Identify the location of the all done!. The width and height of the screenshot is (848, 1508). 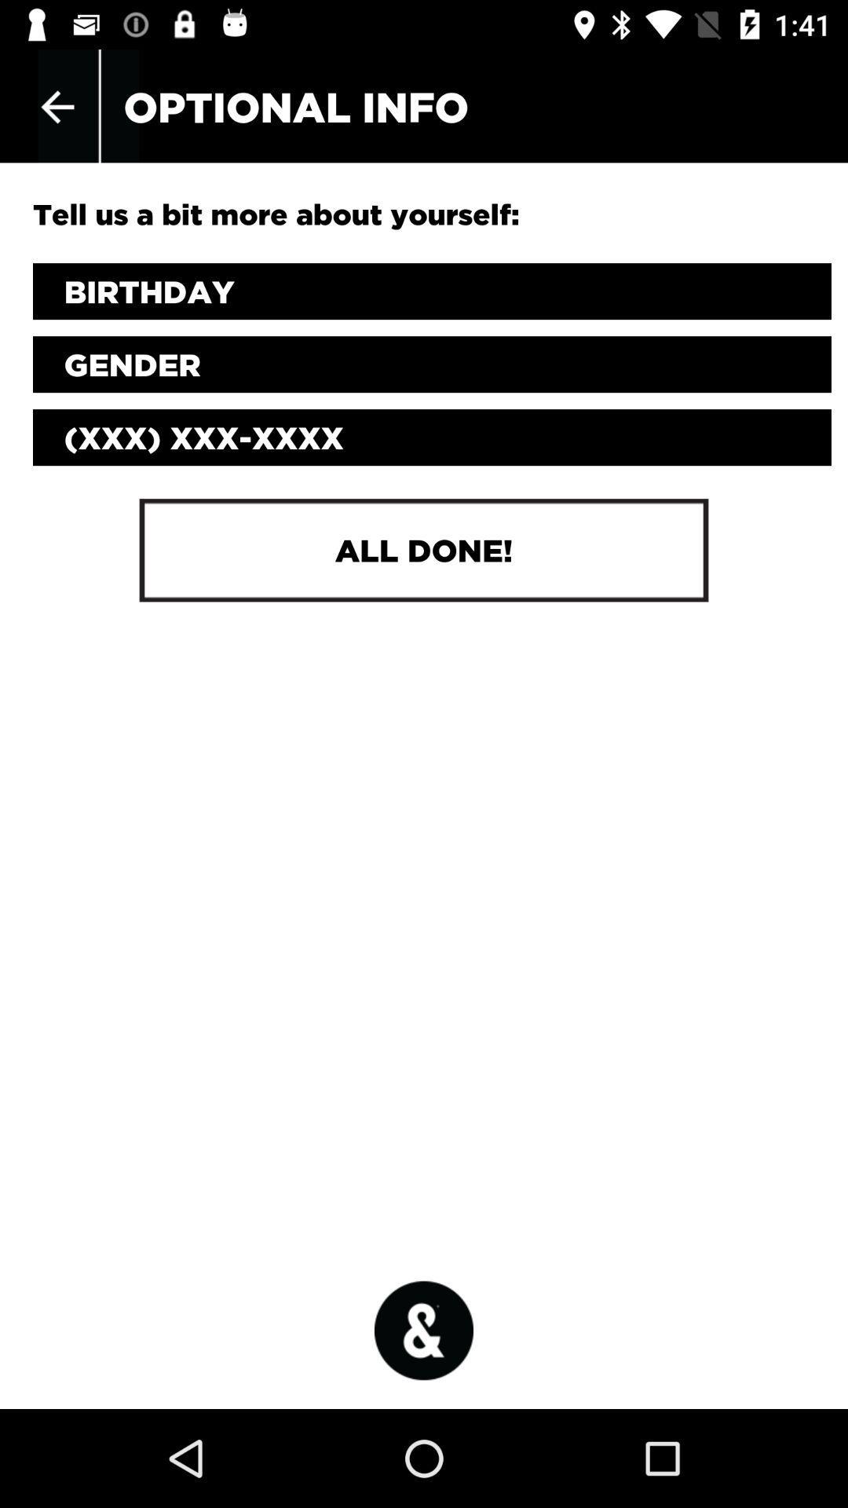
(424, 550).